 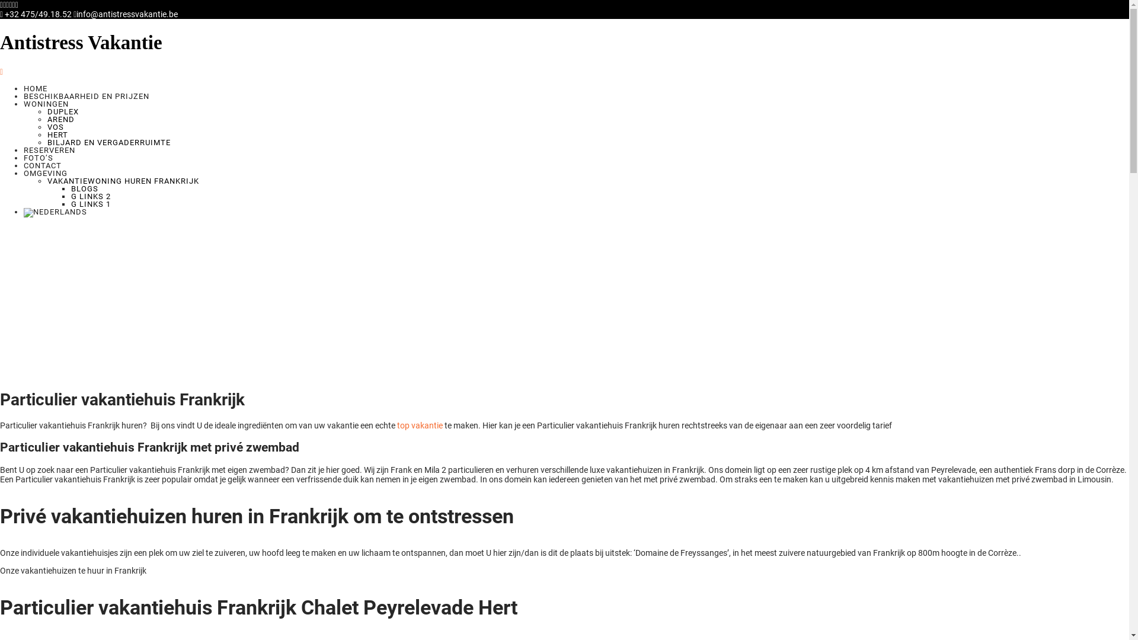 What do you see at coordinates (125, 14) in the screenshot?
I see `'info@antistressvakantie.be'` at bounding box center [125, 14].